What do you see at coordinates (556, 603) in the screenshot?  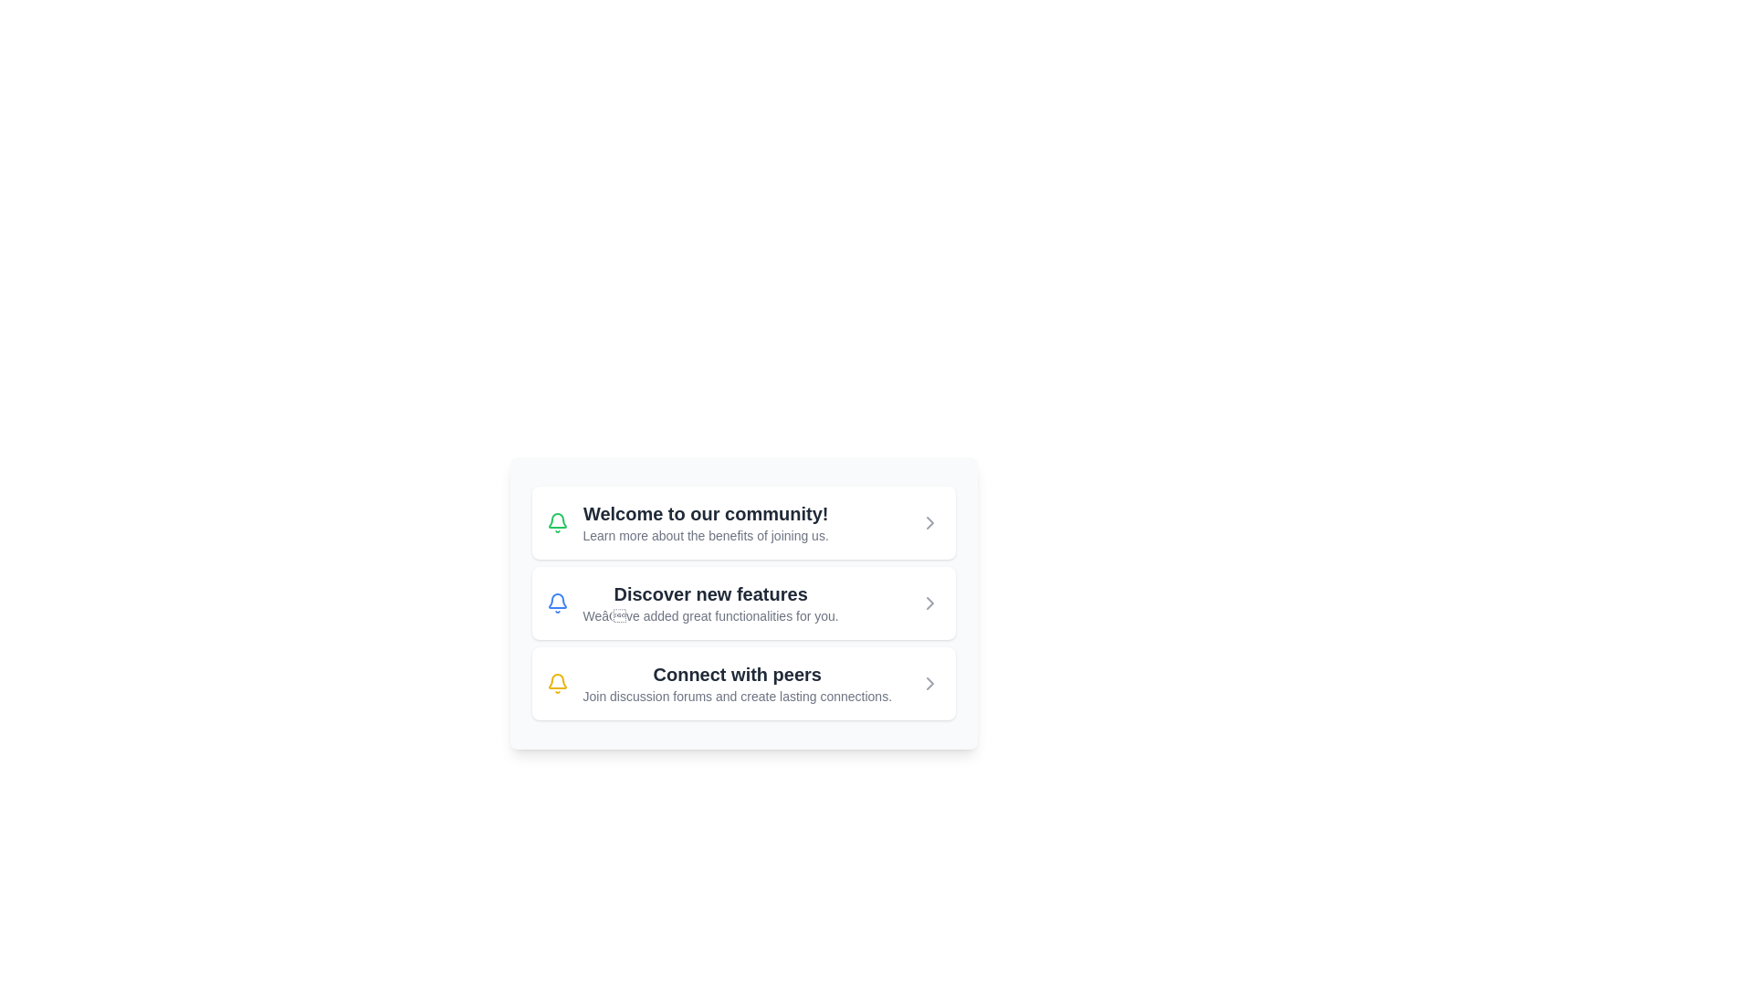 I see `the notification bell icon located in the second card labeled 'Discover new features'` at bounding box center [556, 603].